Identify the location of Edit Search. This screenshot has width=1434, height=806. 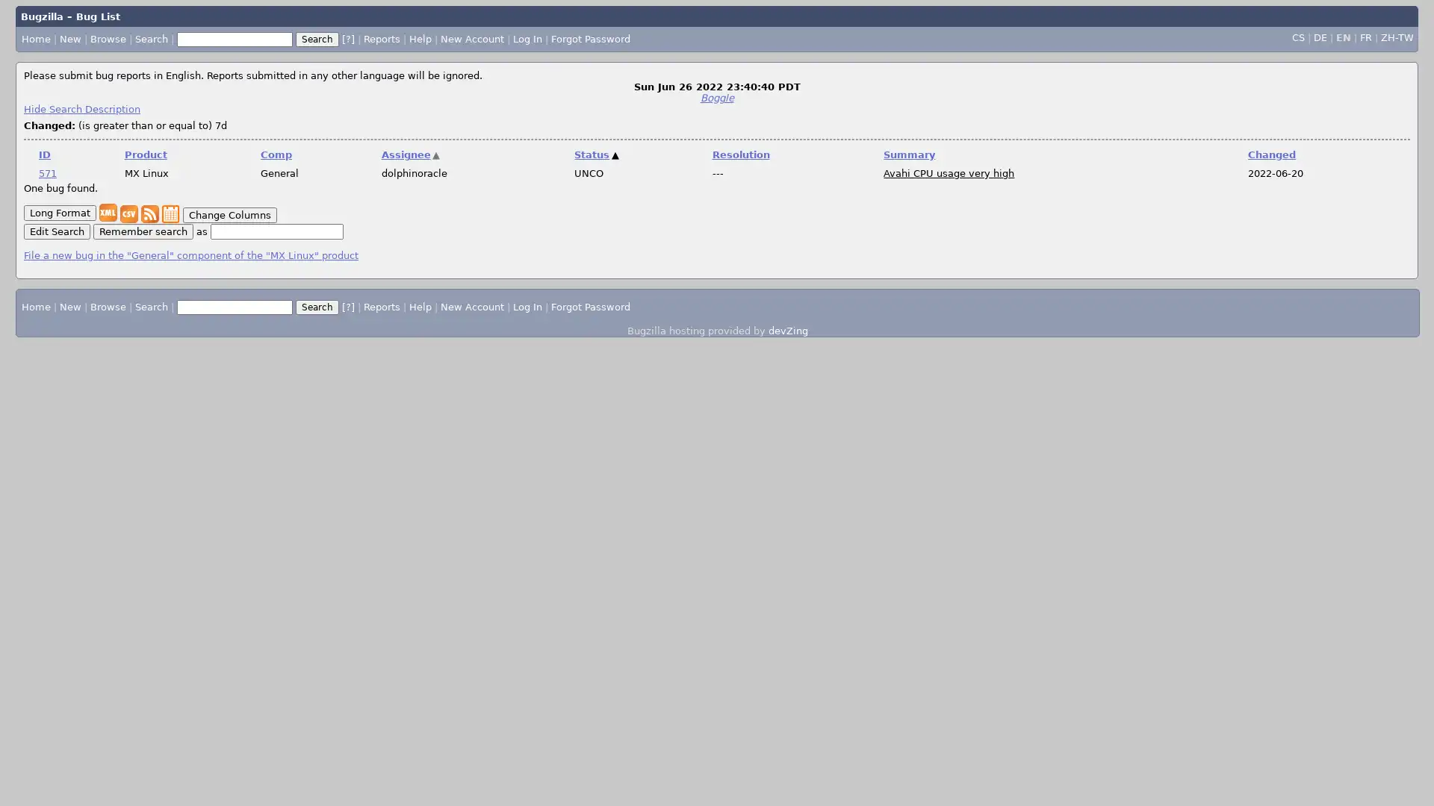
(57, 231).